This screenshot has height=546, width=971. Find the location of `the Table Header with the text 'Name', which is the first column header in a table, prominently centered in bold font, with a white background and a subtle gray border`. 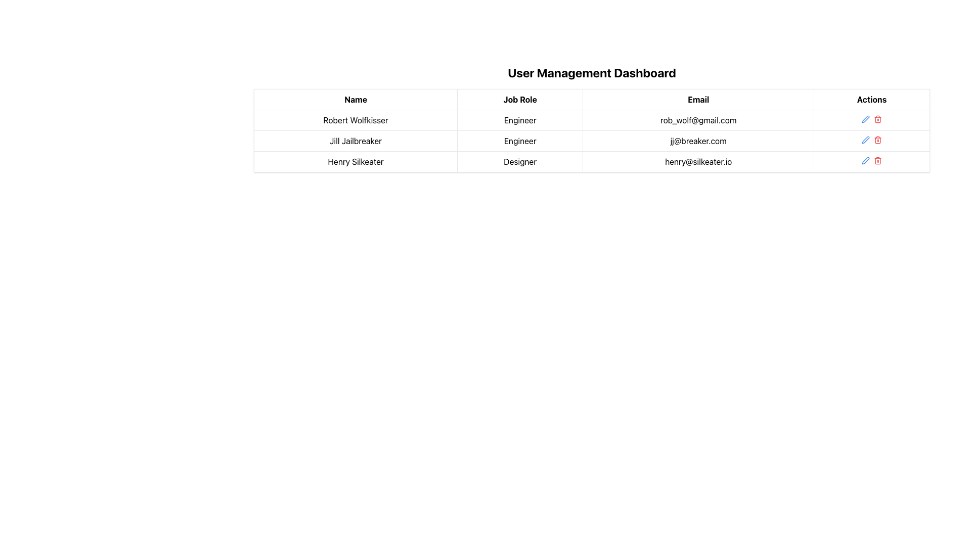

the Table Header with the text 'Name', which is the first column header in a table, prominently centered in bold font, with a white background and a subtle gray border is located at coordinates (356, 99).